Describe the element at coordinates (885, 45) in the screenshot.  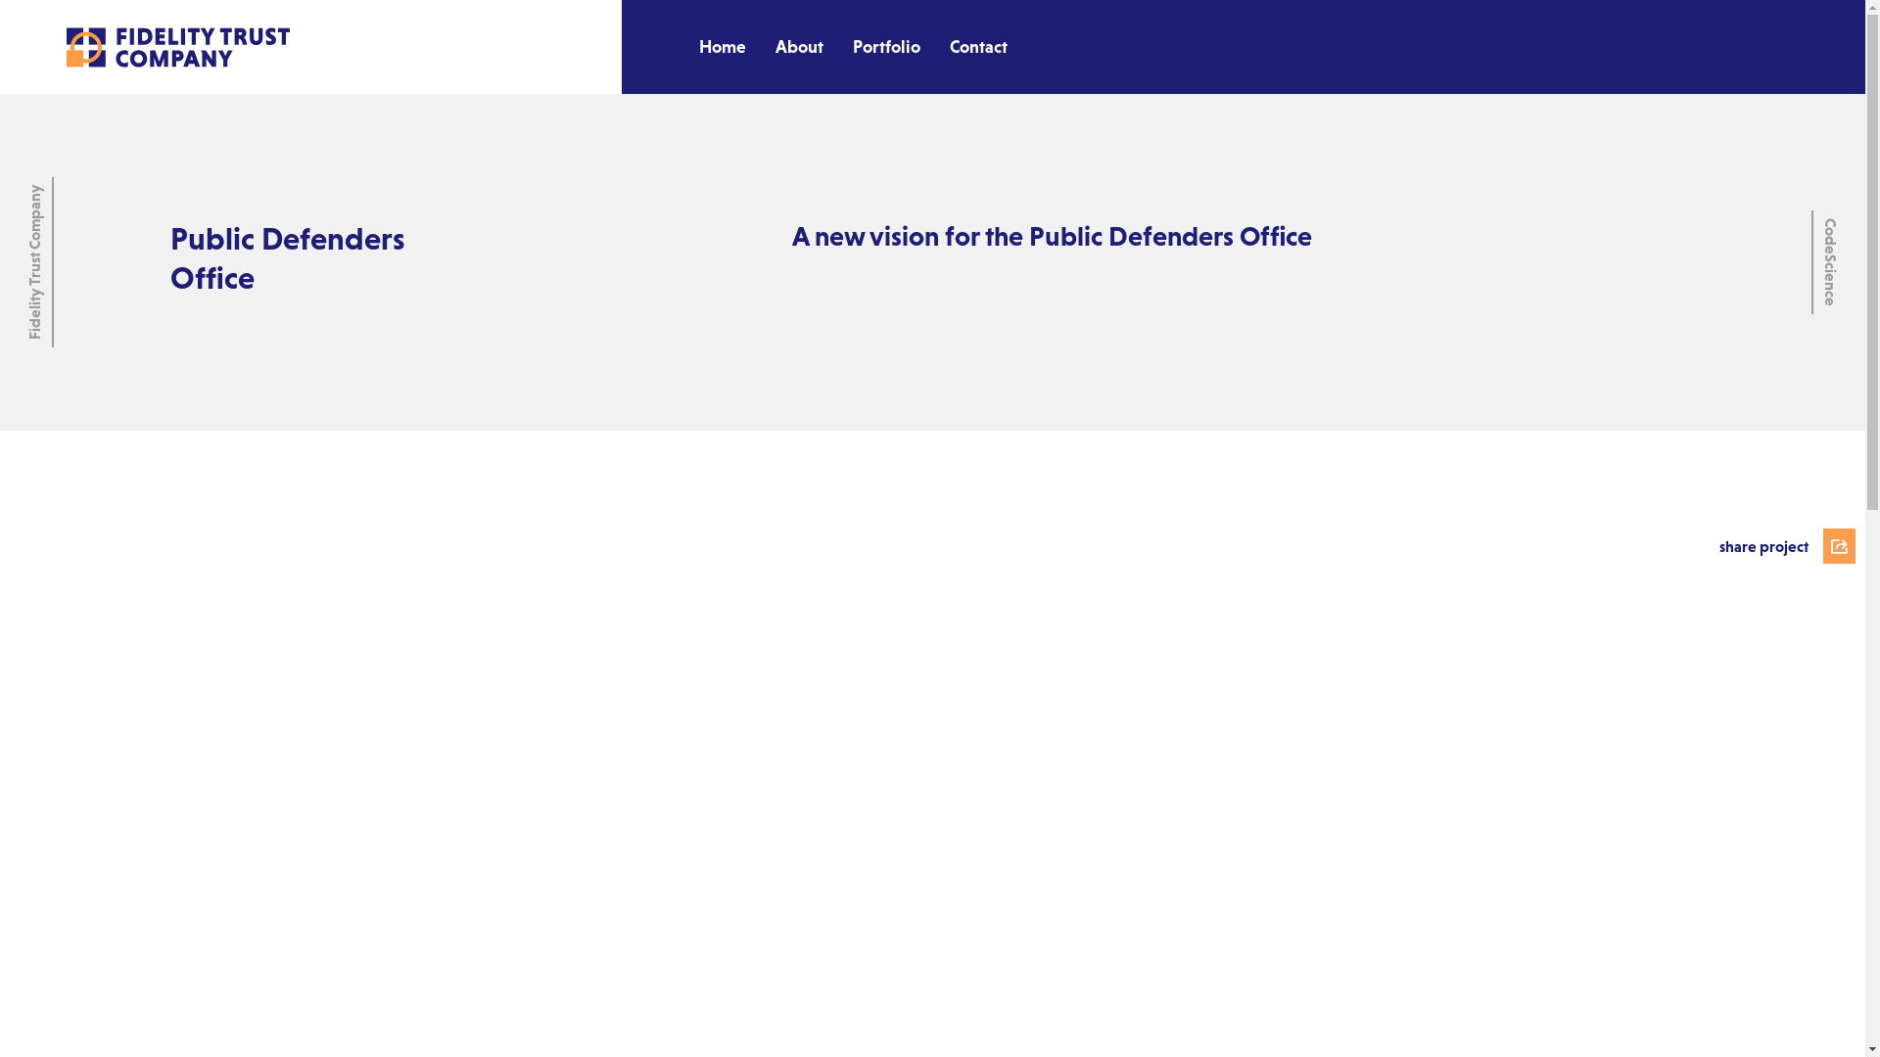
I see `'Portfolio'` at that location.